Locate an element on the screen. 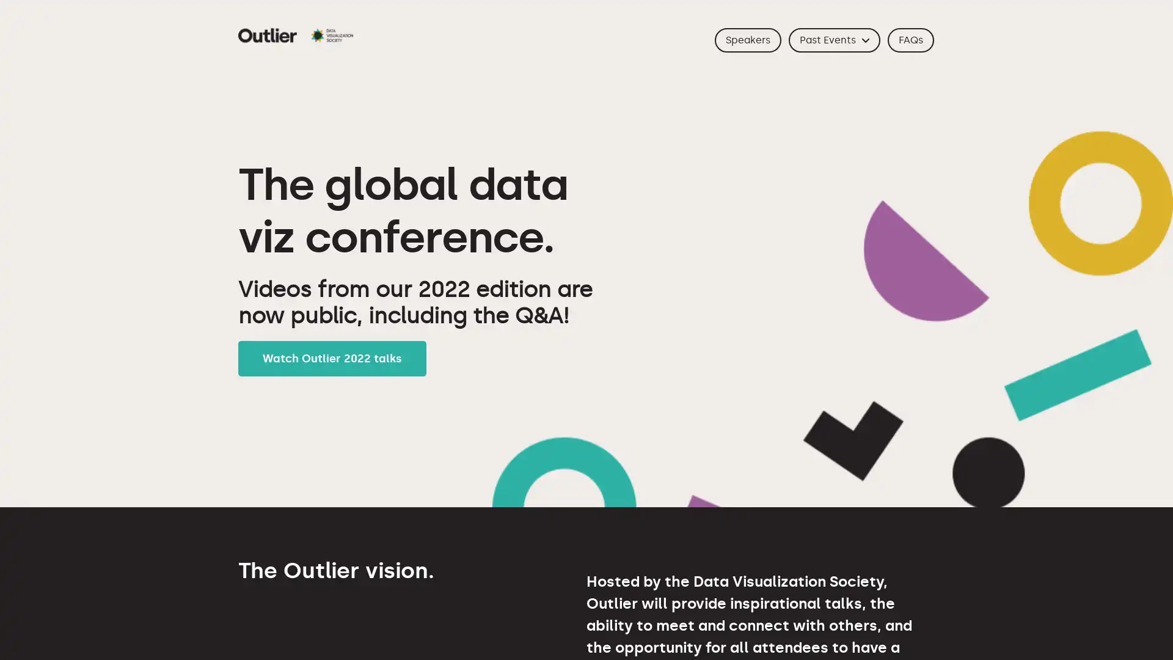 This screenshot has height=660, width=1173. Watch Outlier 2022 talks is located at coordinates (332, 358).